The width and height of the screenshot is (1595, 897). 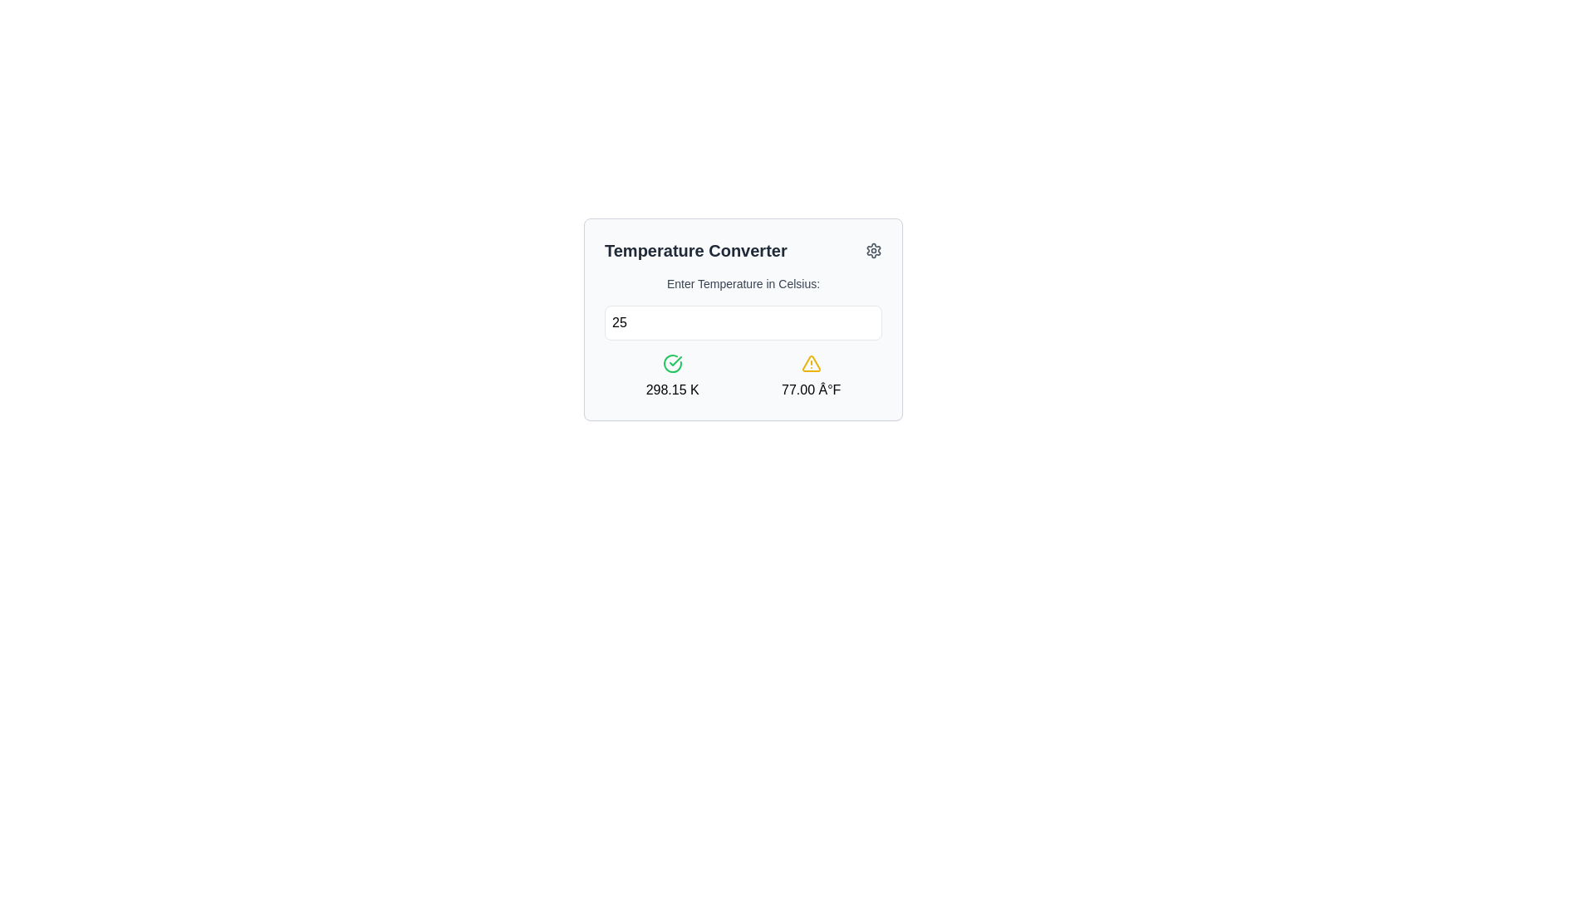 I want to click on the displayed warning icon associated with the second temperature display that shows a temperature value in Fahrenheit, so click(x=811, y=377).